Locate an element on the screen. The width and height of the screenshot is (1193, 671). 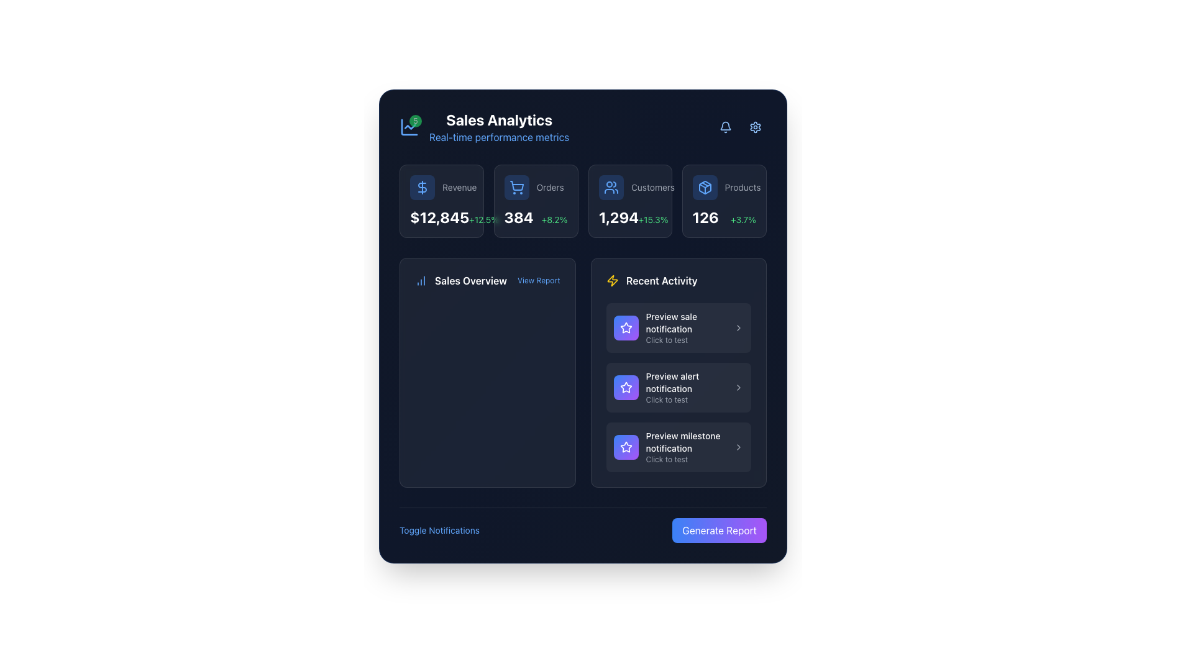
the third interactive notification element is located at coordinates (678, 447).